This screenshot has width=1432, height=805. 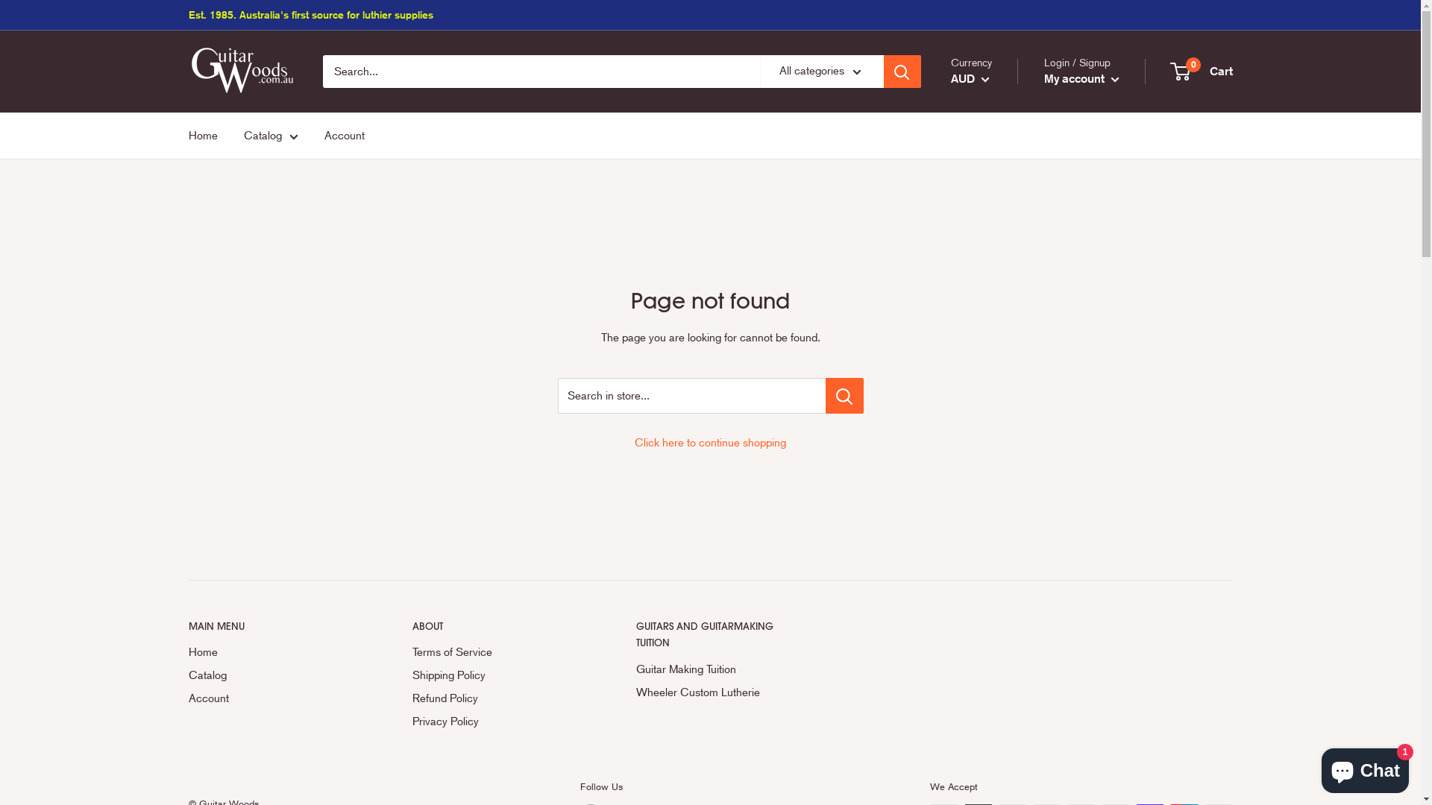 What do you see at coordinates (497, 651) in the screenshot?
I see `'Terms of Service'` at bounding box center [497, 651].